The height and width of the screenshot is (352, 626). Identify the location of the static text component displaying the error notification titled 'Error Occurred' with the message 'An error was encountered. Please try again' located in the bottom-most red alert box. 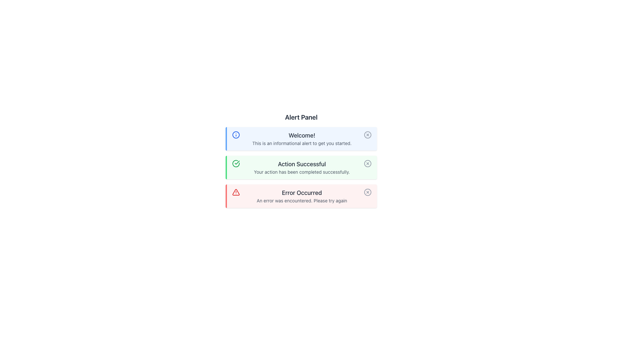
(302, 196).